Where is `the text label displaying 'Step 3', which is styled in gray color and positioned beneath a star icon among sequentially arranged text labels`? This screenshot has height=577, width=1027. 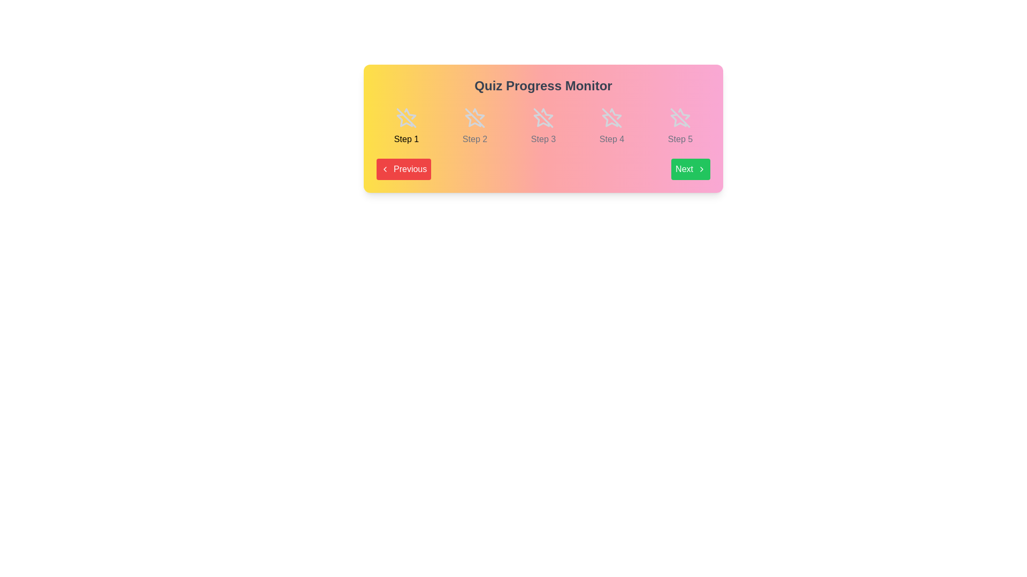 the text label displaying 'Step 3', which is styled in gray color and positioned beneath a star icon among sequentially arranged text labels is located at coordinates (543, 139).